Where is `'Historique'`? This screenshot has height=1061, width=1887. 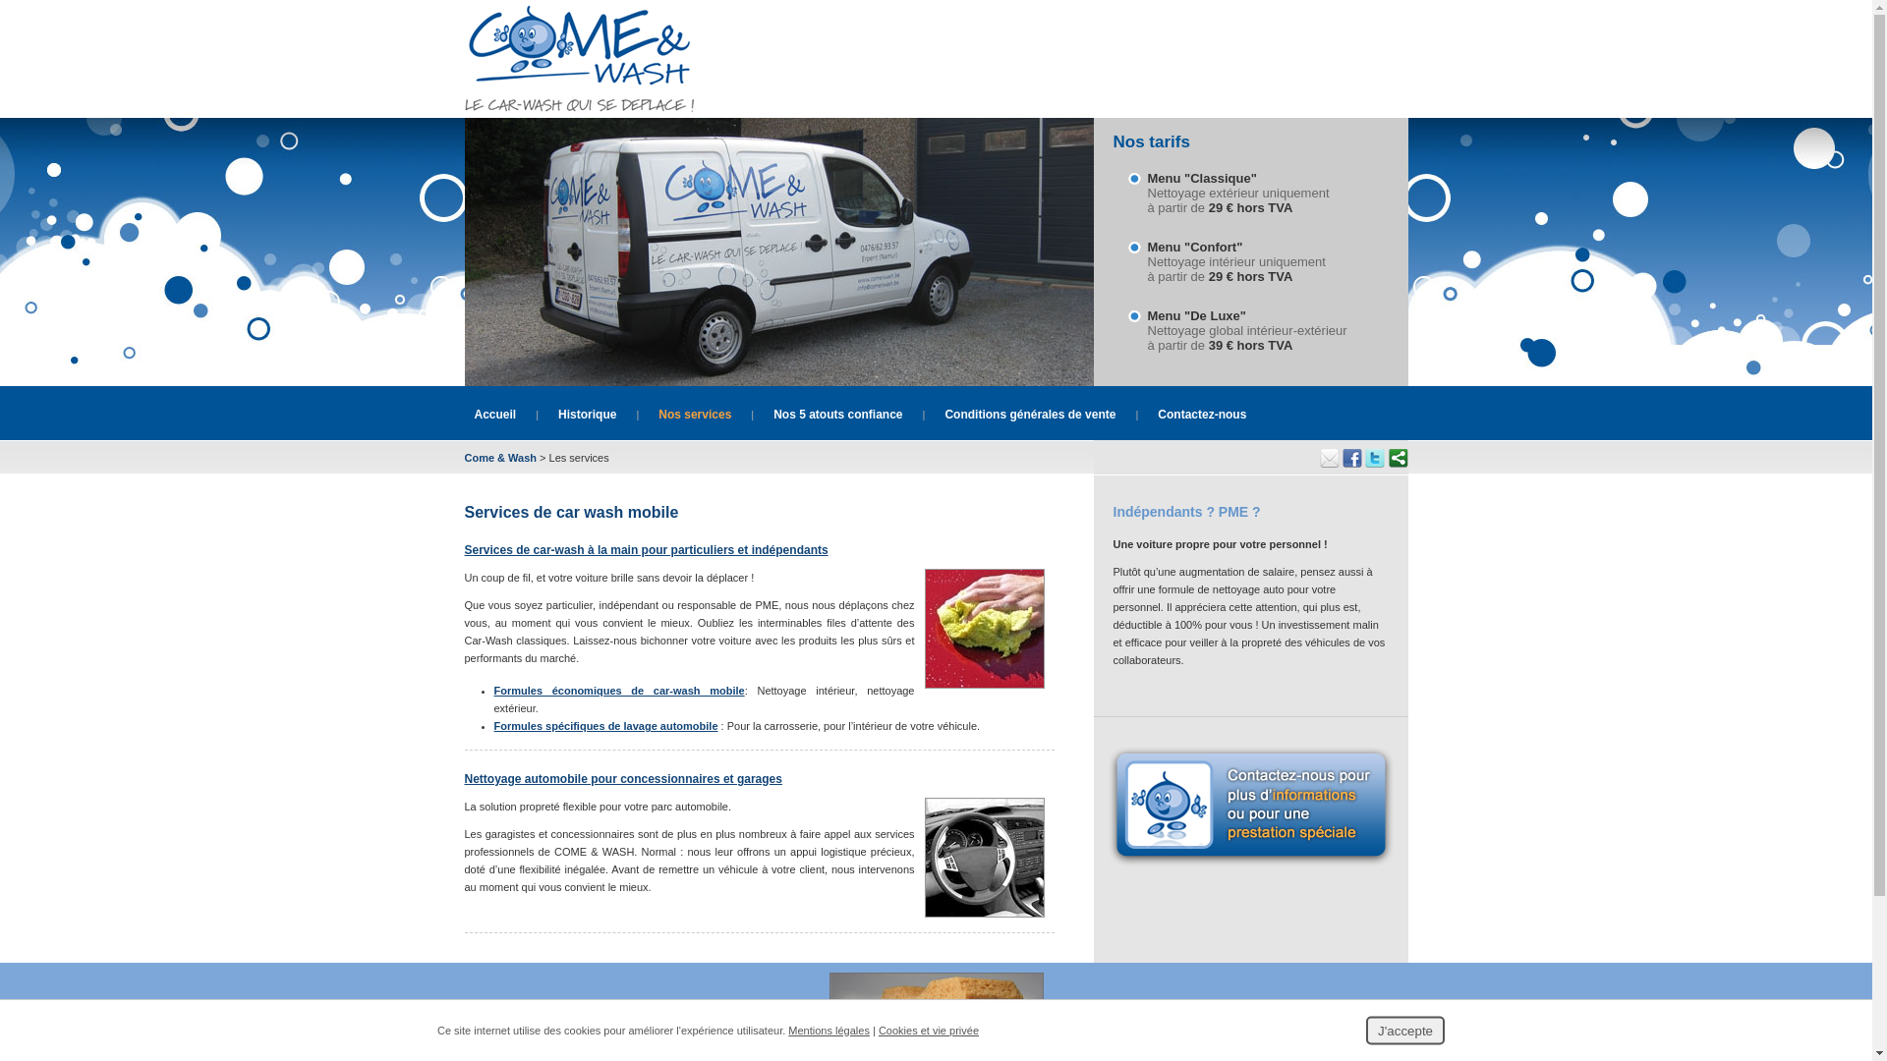 'Historique' is located at coordinates (586, 413).